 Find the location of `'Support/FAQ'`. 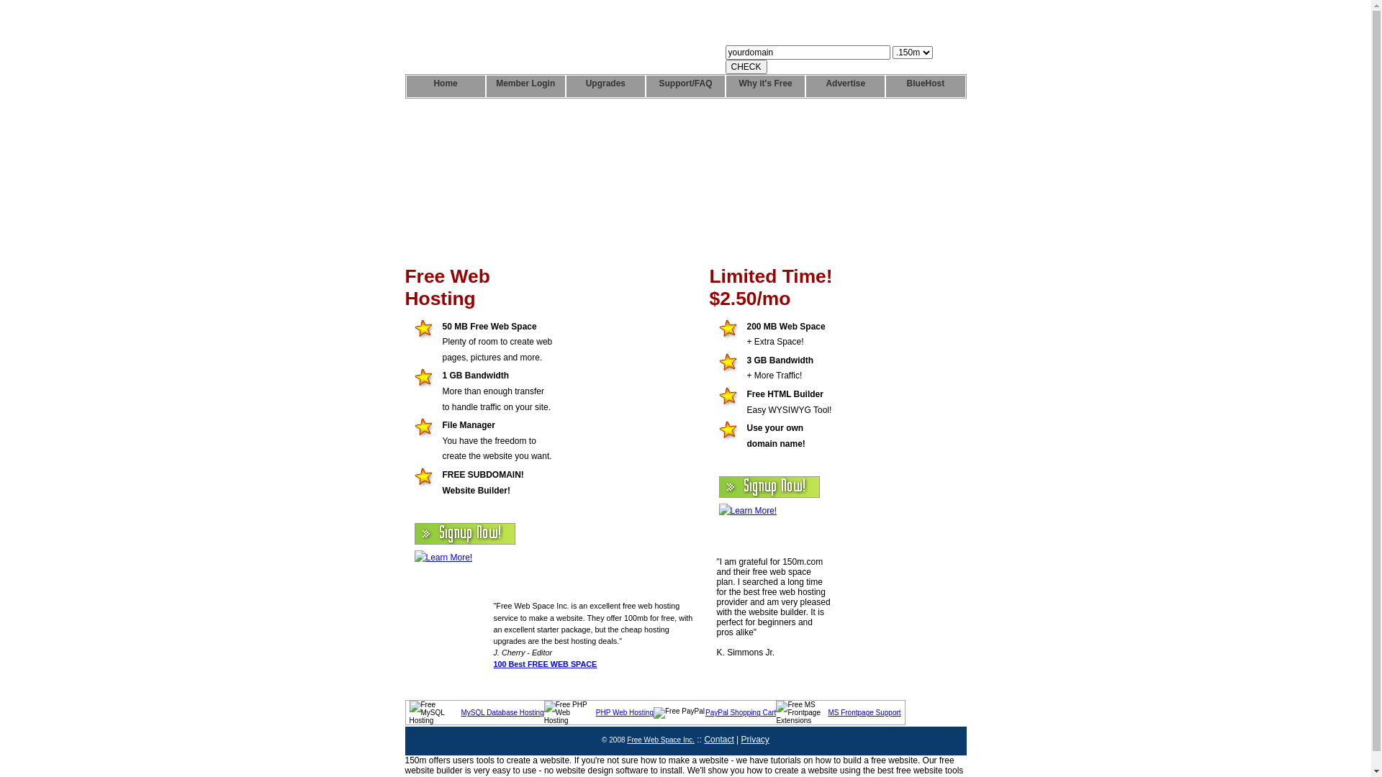

'Support/FAQ' is located at coordinates (645, 86).